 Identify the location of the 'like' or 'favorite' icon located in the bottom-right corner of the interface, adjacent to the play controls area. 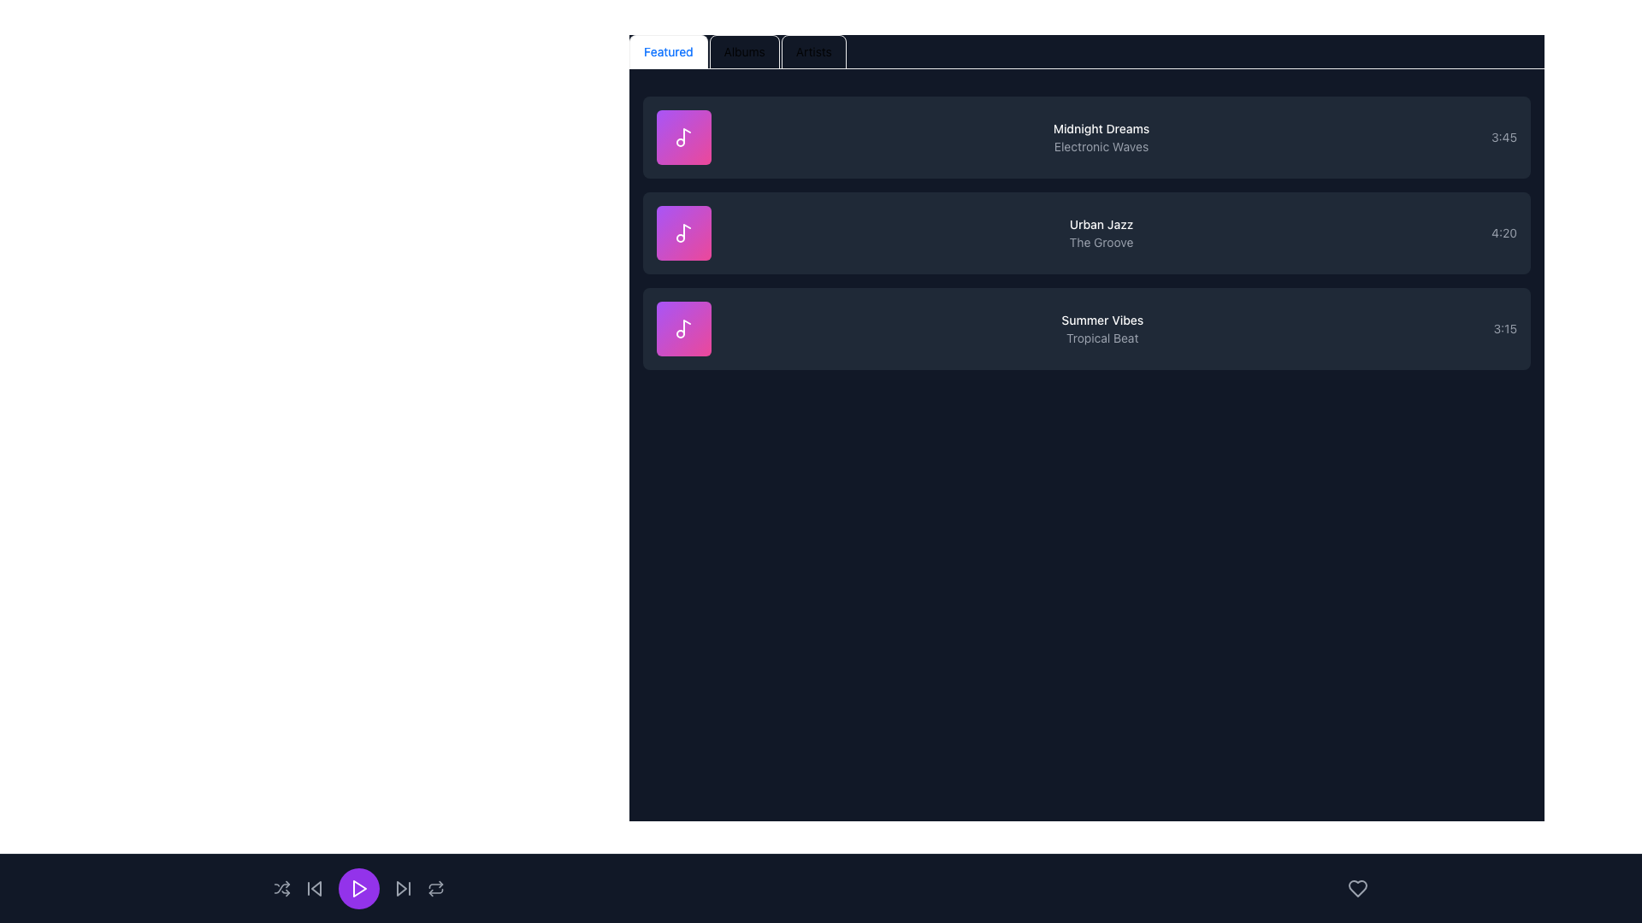
(1357, 888).